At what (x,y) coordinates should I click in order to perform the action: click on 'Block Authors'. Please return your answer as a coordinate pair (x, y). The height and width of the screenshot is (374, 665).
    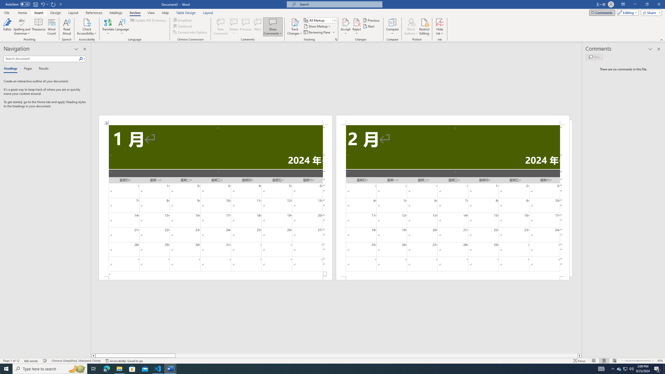
    Looking at the image, I should click on (411, 27).